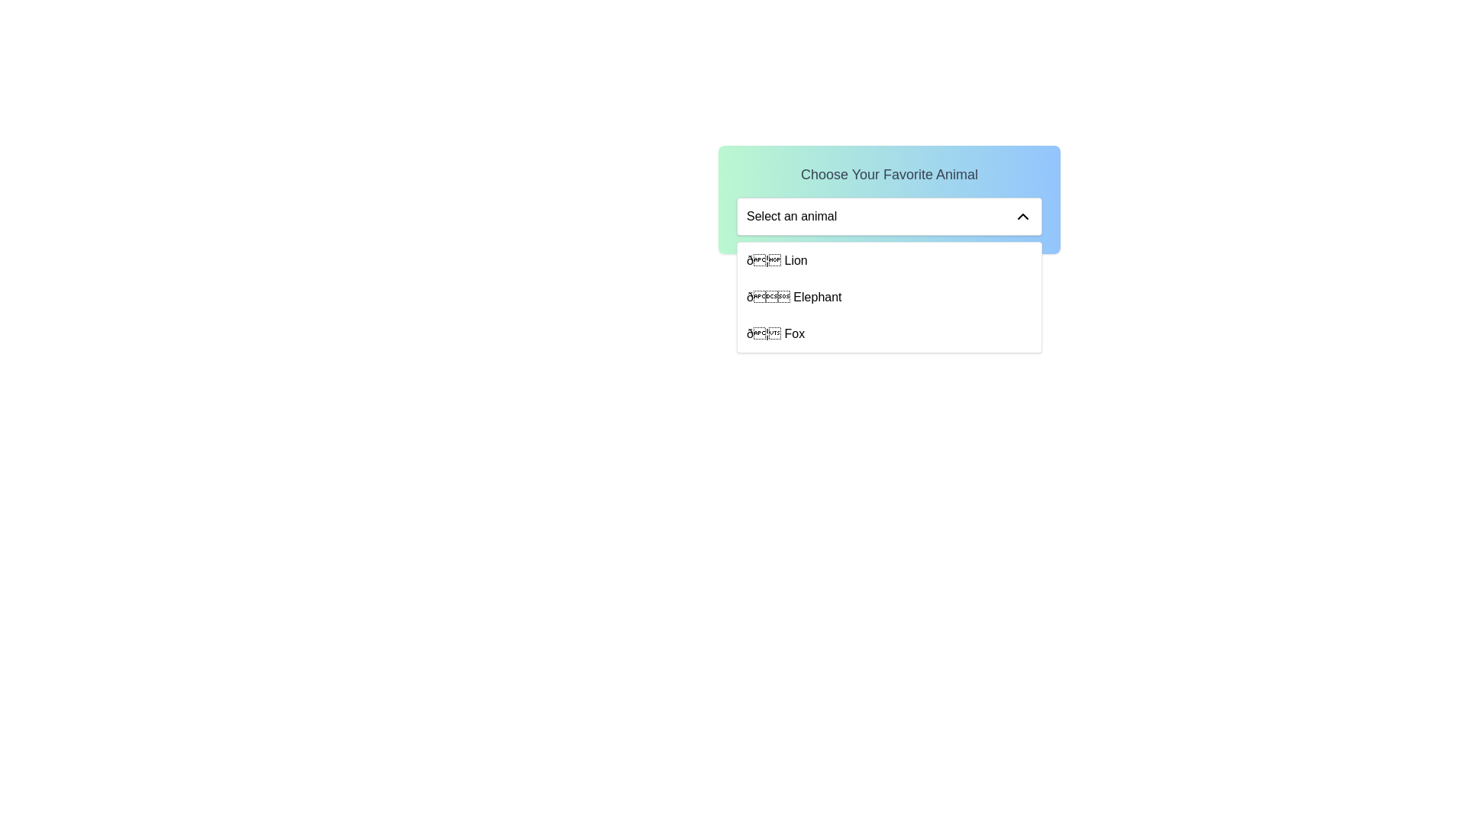  What do you see at coordinates (794, 297) in the screenshot?
I see `to select the '🐘 Elephant' option from the dropdown menu located under 'Choose Your Favorite Animal', positioned second in the list` at bounding box center [794, 297].